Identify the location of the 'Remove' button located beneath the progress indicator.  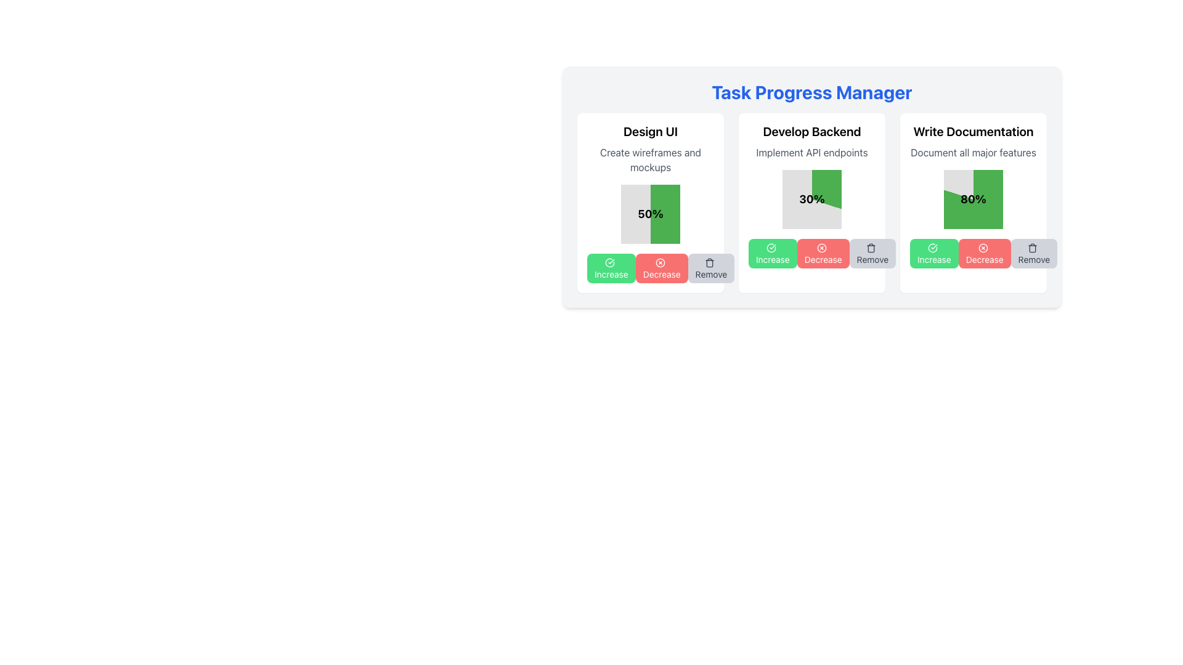
(711, 267).